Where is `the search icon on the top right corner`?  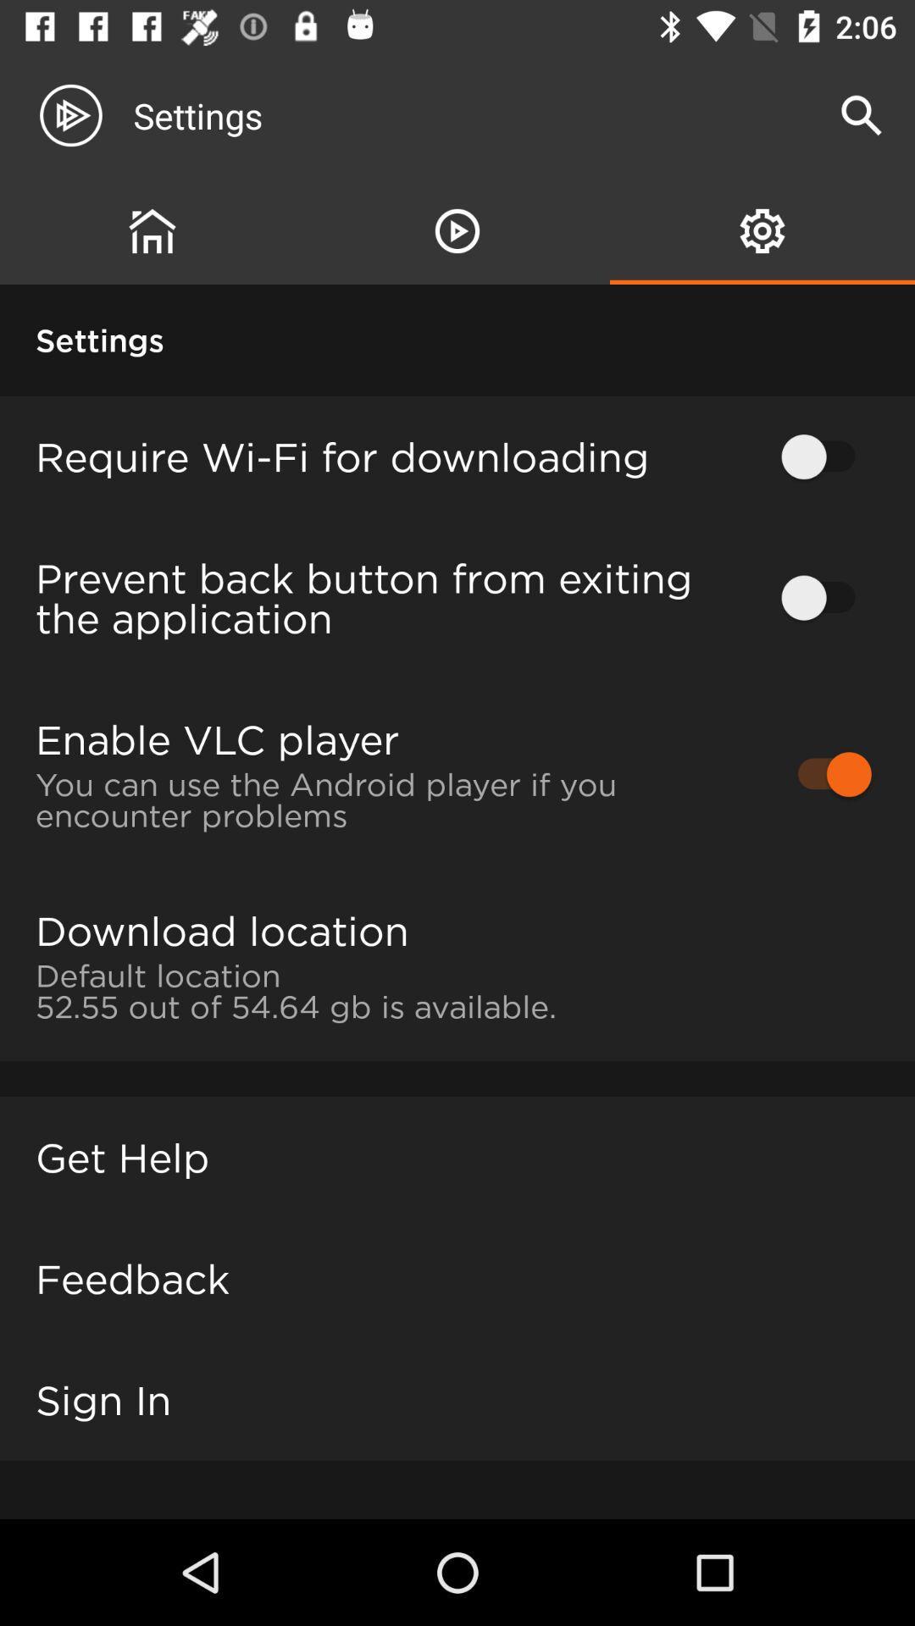
the search icon on the top right corner is located at coordinates (862, 115).